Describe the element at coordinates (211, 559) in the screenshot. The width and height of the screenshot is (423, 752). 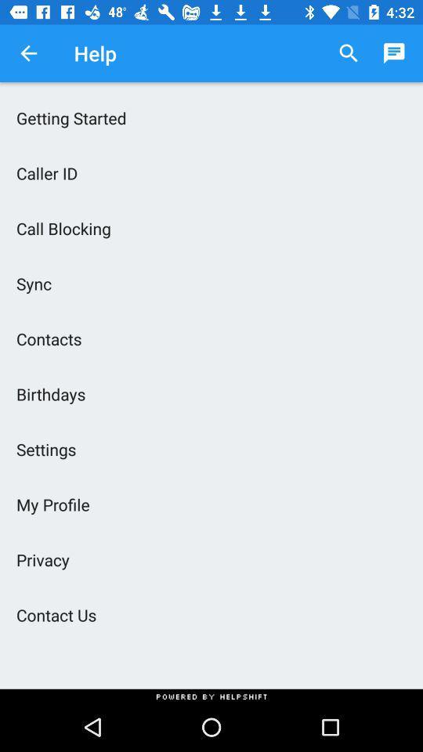
I see `privacy icon` at that location.